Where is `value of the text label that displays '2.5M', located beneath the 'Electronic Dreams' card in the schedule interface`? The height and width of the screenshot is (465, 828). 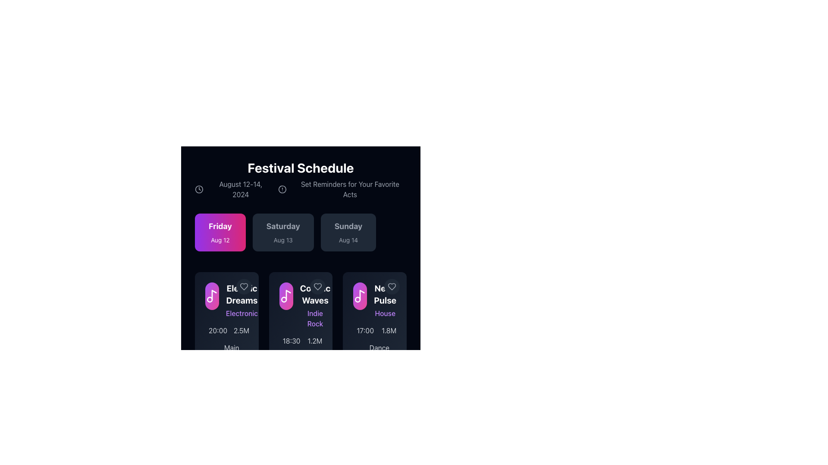
value of the text label that displays '2.5M', located beneath the 'Electronic Dreams' card in the schedule interface is located at coordinates (241, 330).